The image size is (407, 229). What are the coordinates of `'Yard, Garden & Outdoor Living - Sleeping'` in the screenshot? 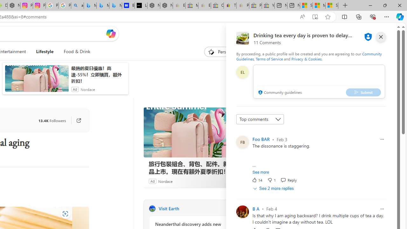 It's located at (268, 5).